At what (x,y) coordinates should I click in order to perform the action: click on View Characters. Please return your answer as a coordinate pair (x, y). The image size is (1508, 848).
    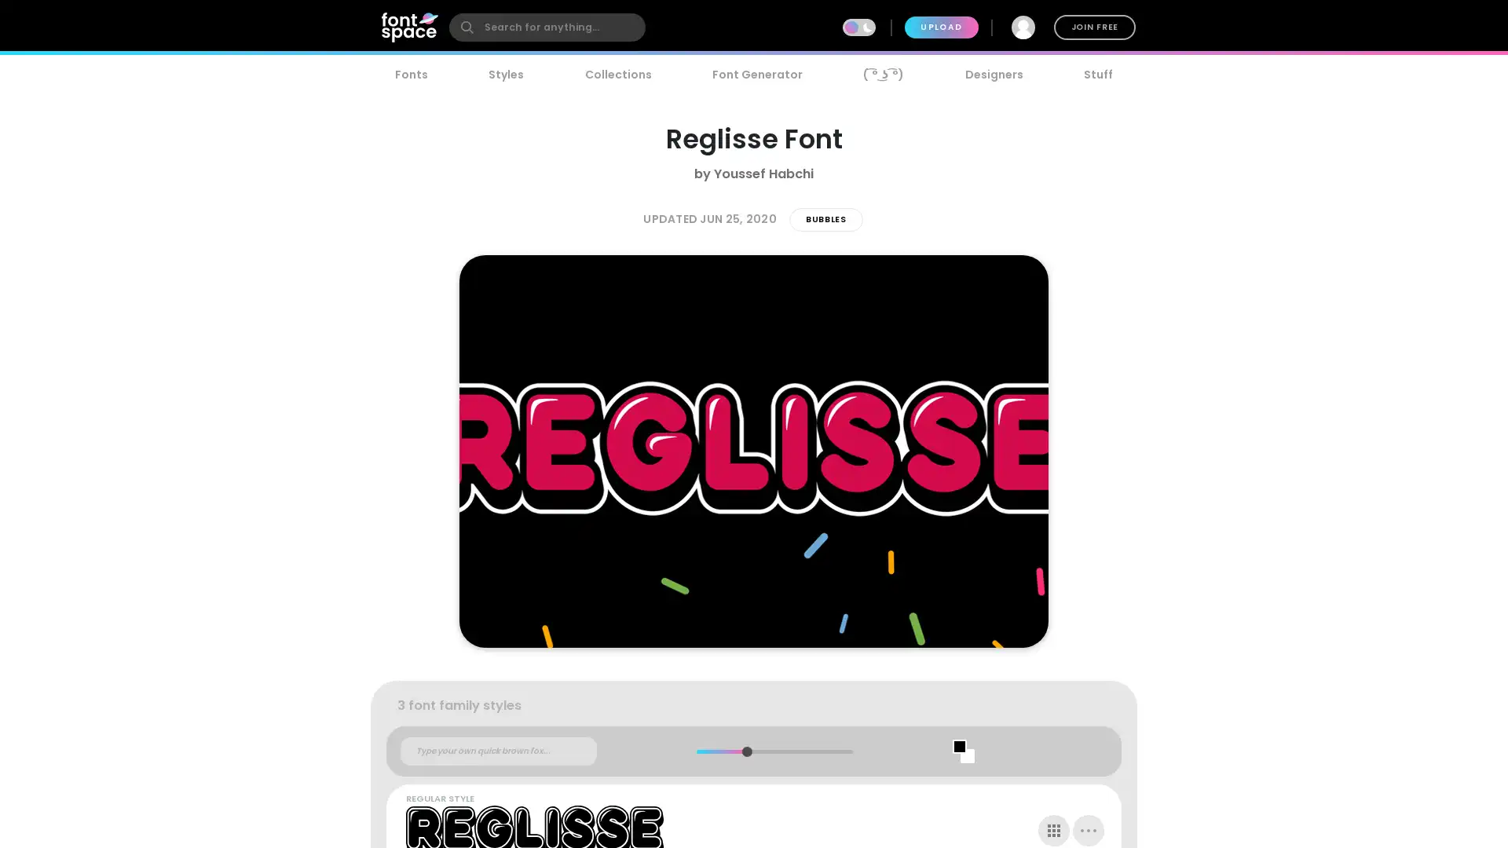
    Looking at the image, I should click on (1054, 829).